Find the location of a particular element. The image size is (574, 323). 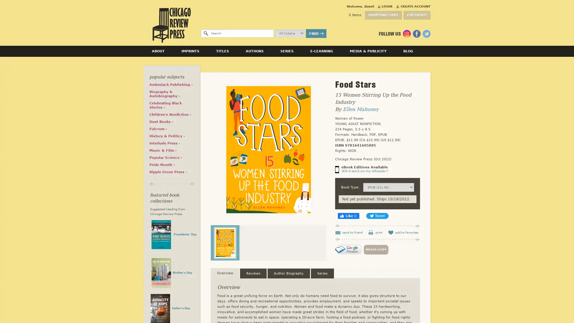

FIND is located at coordinates (316, 33).